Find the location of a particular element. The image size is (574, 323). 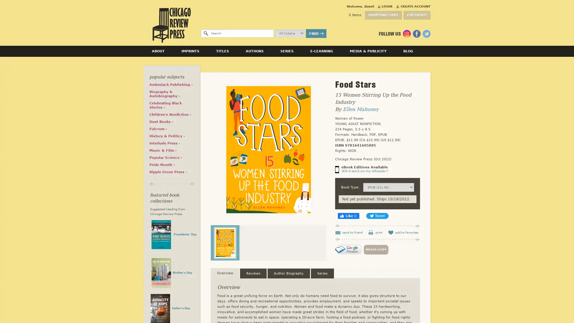

FIND is located at coordinates (316, 33).